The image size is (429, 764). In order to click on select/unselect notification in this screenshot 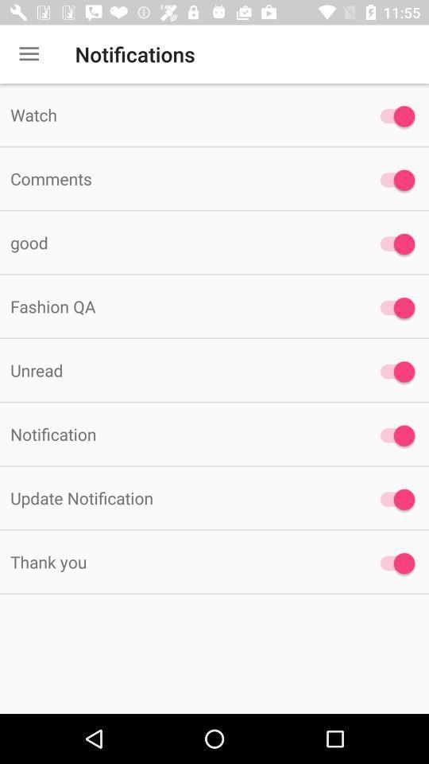, I will do `click(392, 244)`.